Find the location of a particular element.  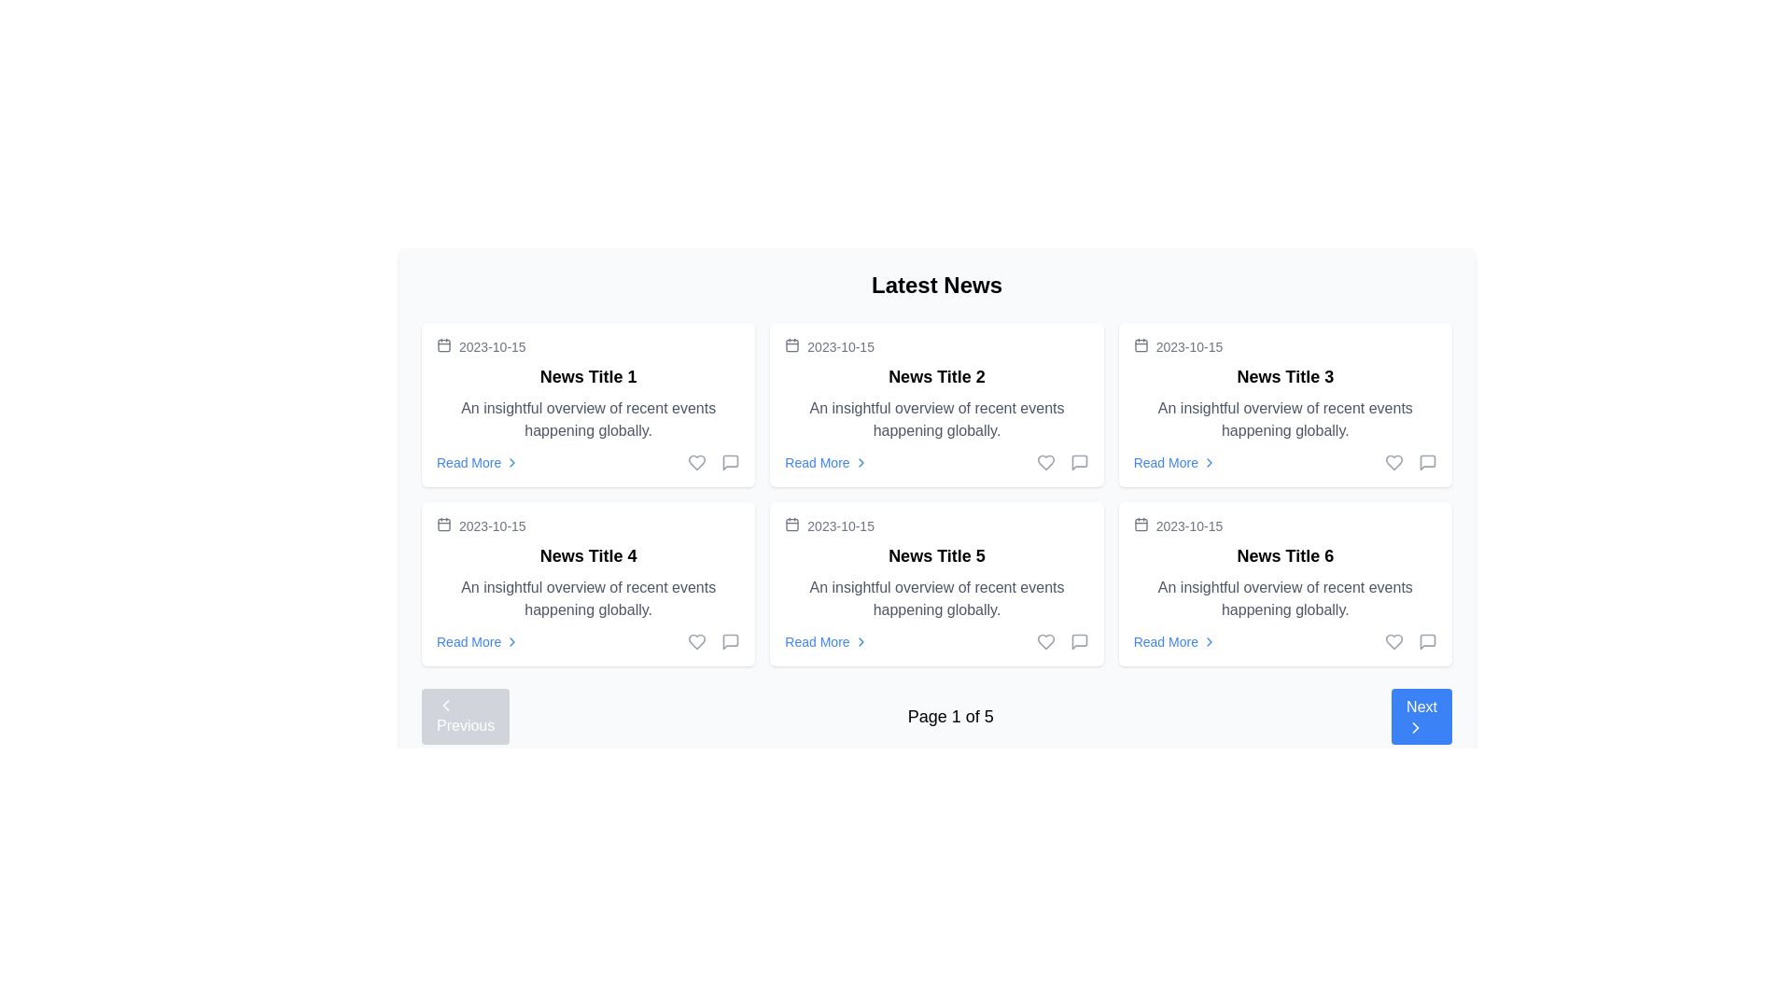

the date icon located at the top-left of the card titled 'News Title 1', which enhances the visual clarity of the date '2023-10-15' is located at coordinates (442, 525).